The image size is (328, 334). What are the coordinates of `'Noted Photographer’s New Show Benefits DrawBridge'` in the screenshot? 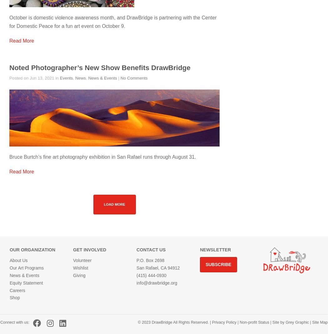 It's located at (100, 68).